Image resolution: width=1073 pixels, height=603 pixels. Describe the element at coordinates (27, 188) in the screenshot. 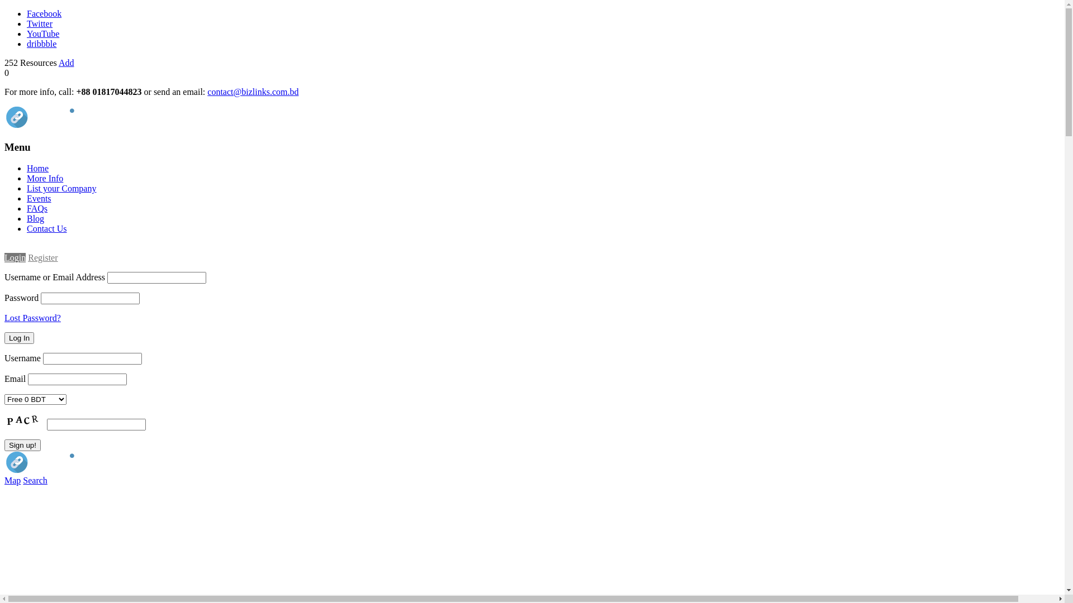

I see `'List your Company'` at that location.